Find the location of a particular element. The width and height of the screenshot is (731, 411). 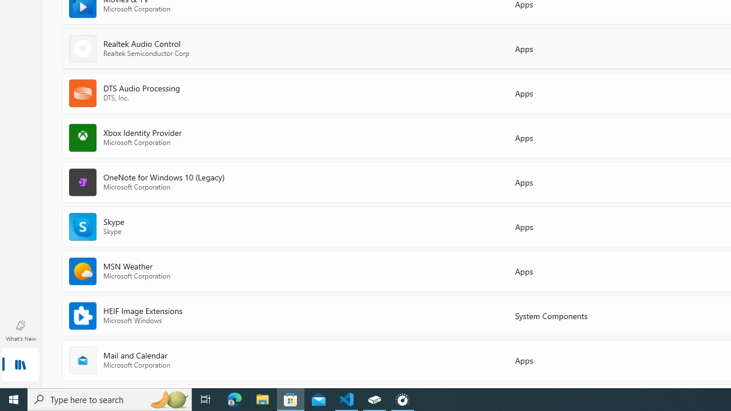

'Library' is located at coordinates (20, 365).